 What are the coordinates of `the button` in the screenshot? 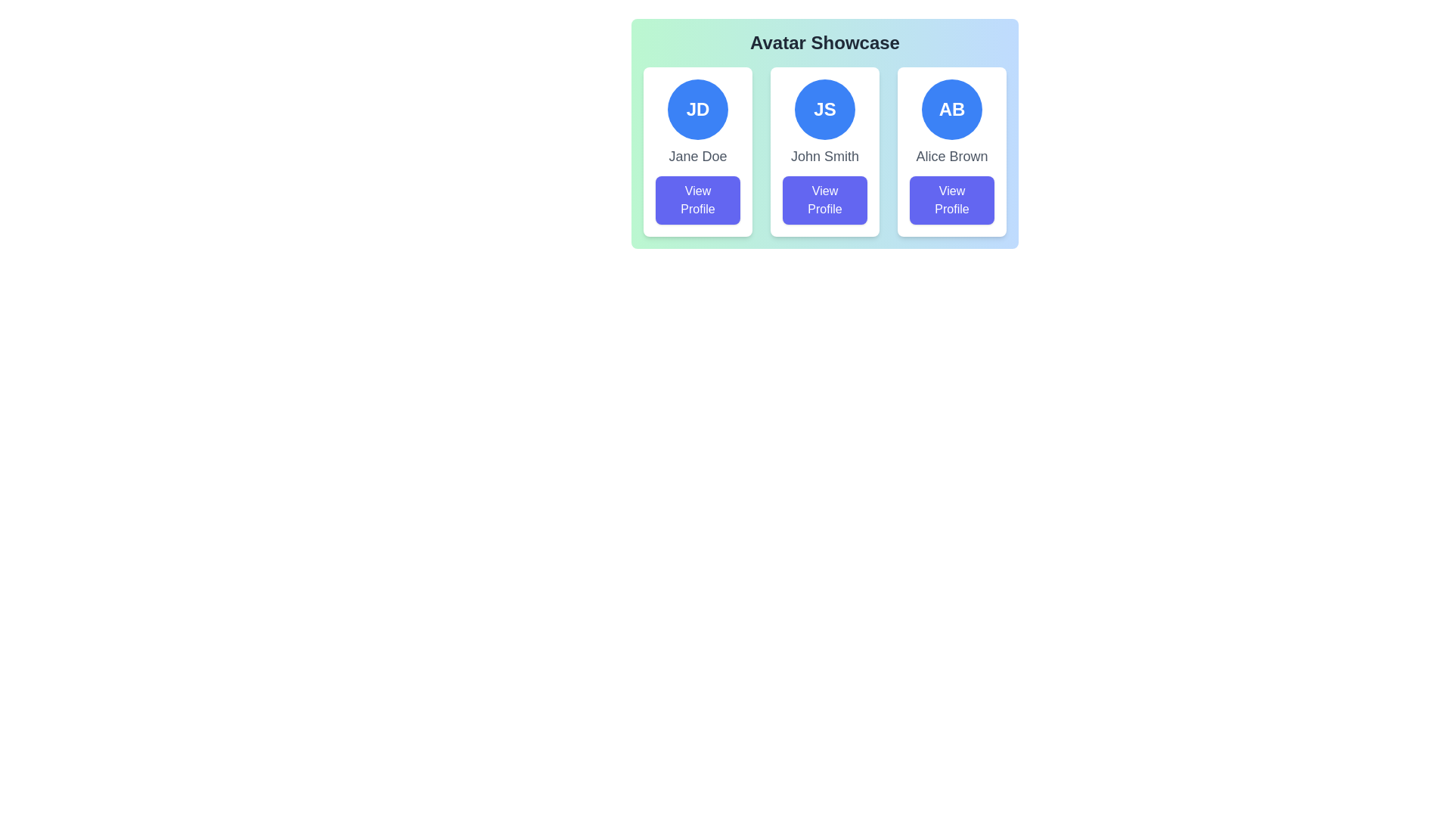 It's located at (951, 200).